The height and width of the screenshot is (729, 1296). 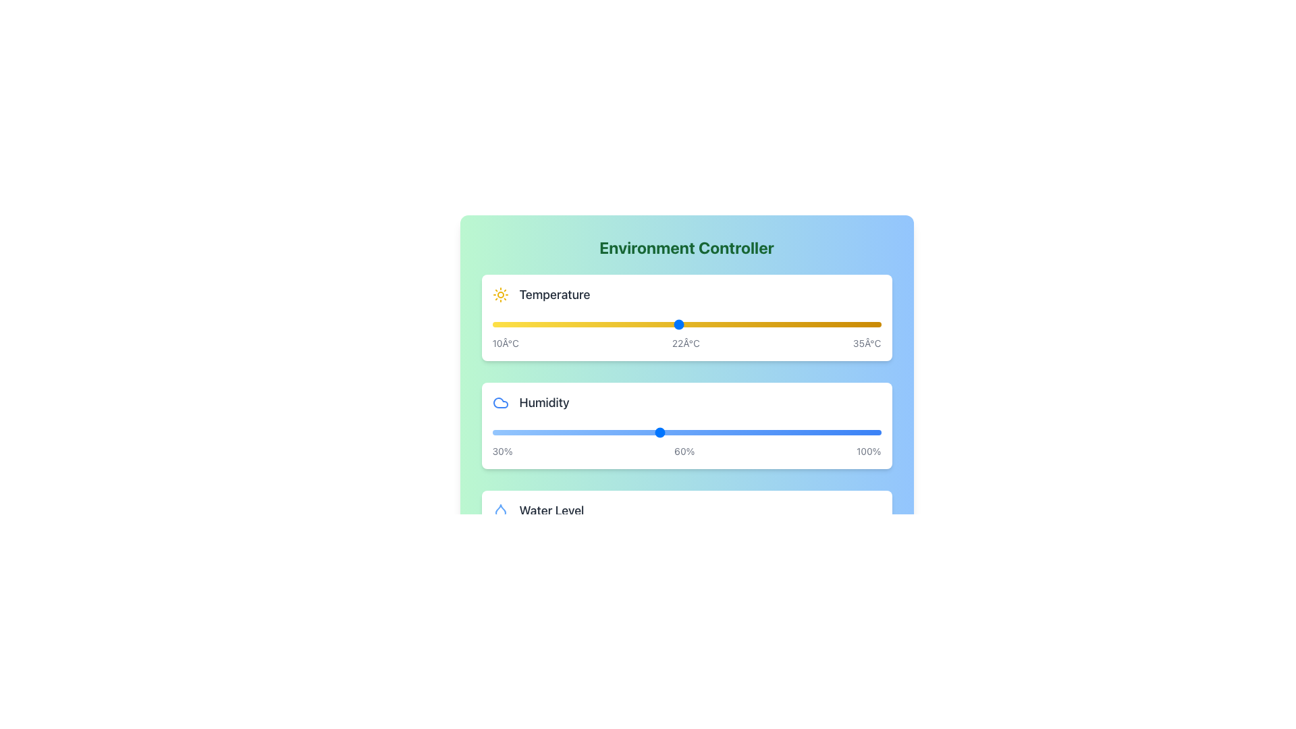 What do you see at coordinates (600, 325) in the screenshot?
I see `the temperature` at bounding box center [600, 325].